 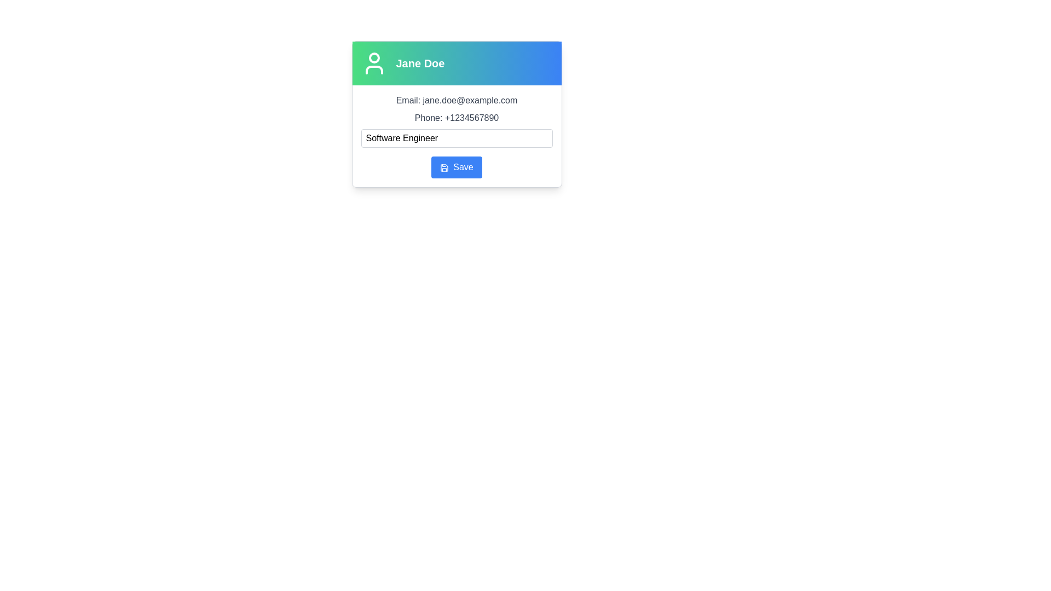 What do you see at coordinates (444, 167) in the screenshot?
I see `the floppy disk icon representing the 'save' functionality, which is located within the 'Save' button, to the left of the button text` at bounding box center [444, 167].